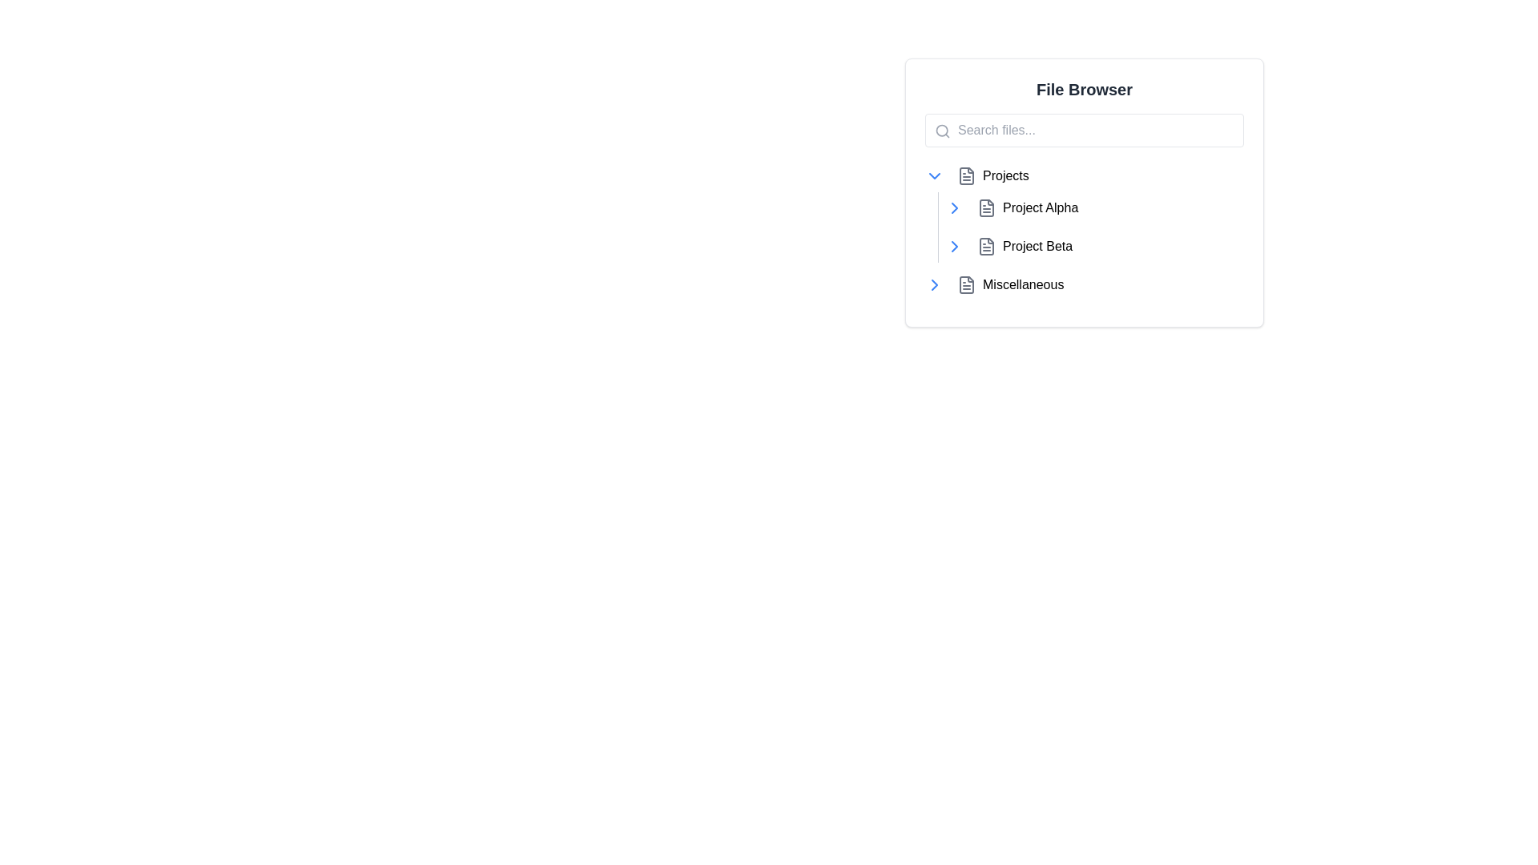 The height and width of the screenshot is (865, 1538). What do you see at coordinates (965, 175) in the screenshot?
I see `the document file icon associated with 'Projects'` at bounding box center [965, 175].